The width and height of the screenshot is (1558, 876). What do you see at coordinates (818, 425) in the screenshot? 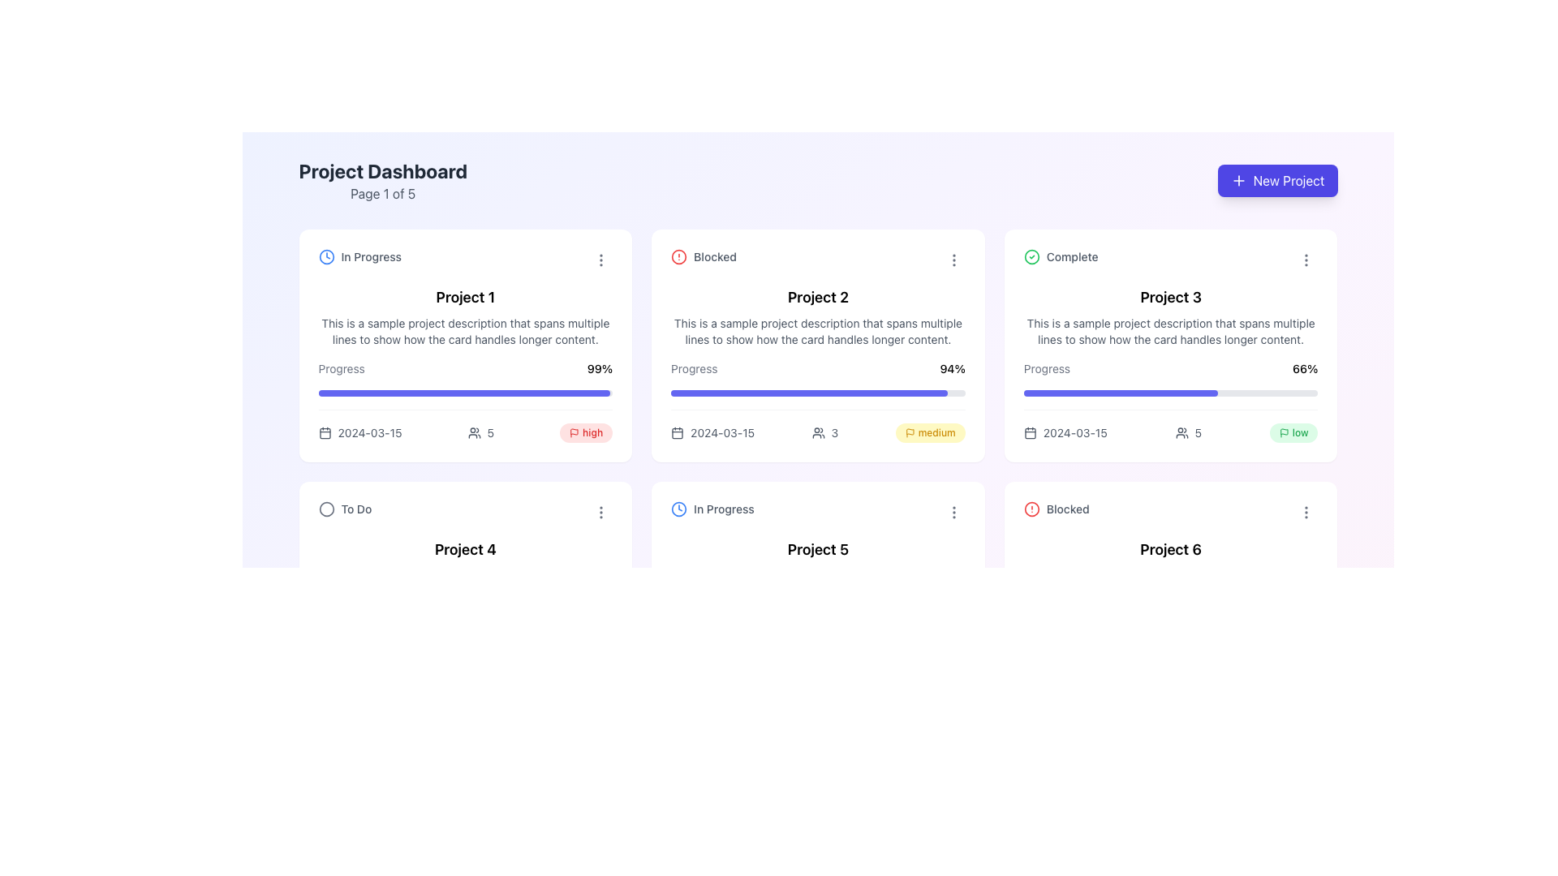
I see `the icon of a group of people with the number '3' located in the information section of the second card titled 'Project 2', which is under the 'Blocked' status` at bounding box center [818, 425].